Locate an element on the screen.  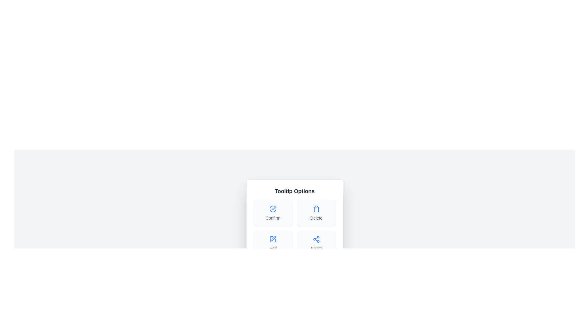
text label displaying 'Tooltip Options' which is positioned at the top of a white panel containing multiple buttons below is located at coordinates (295, 191).